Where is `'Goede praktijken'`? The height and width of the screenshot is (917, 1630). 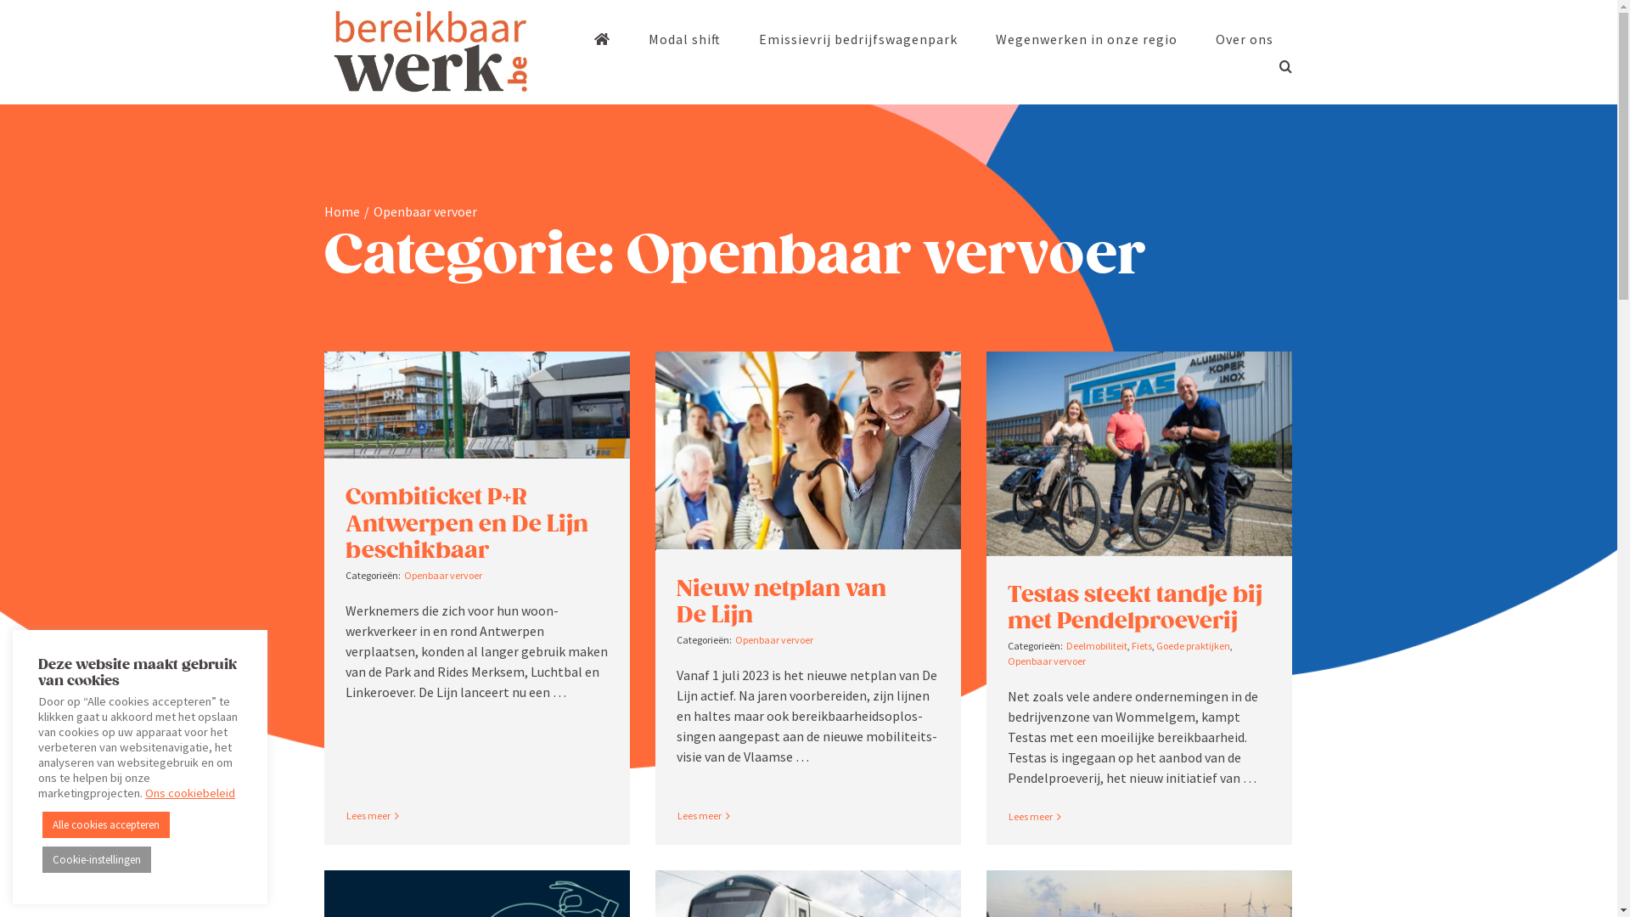
'Goede praktijken' is located at coordinates (1192, 645).